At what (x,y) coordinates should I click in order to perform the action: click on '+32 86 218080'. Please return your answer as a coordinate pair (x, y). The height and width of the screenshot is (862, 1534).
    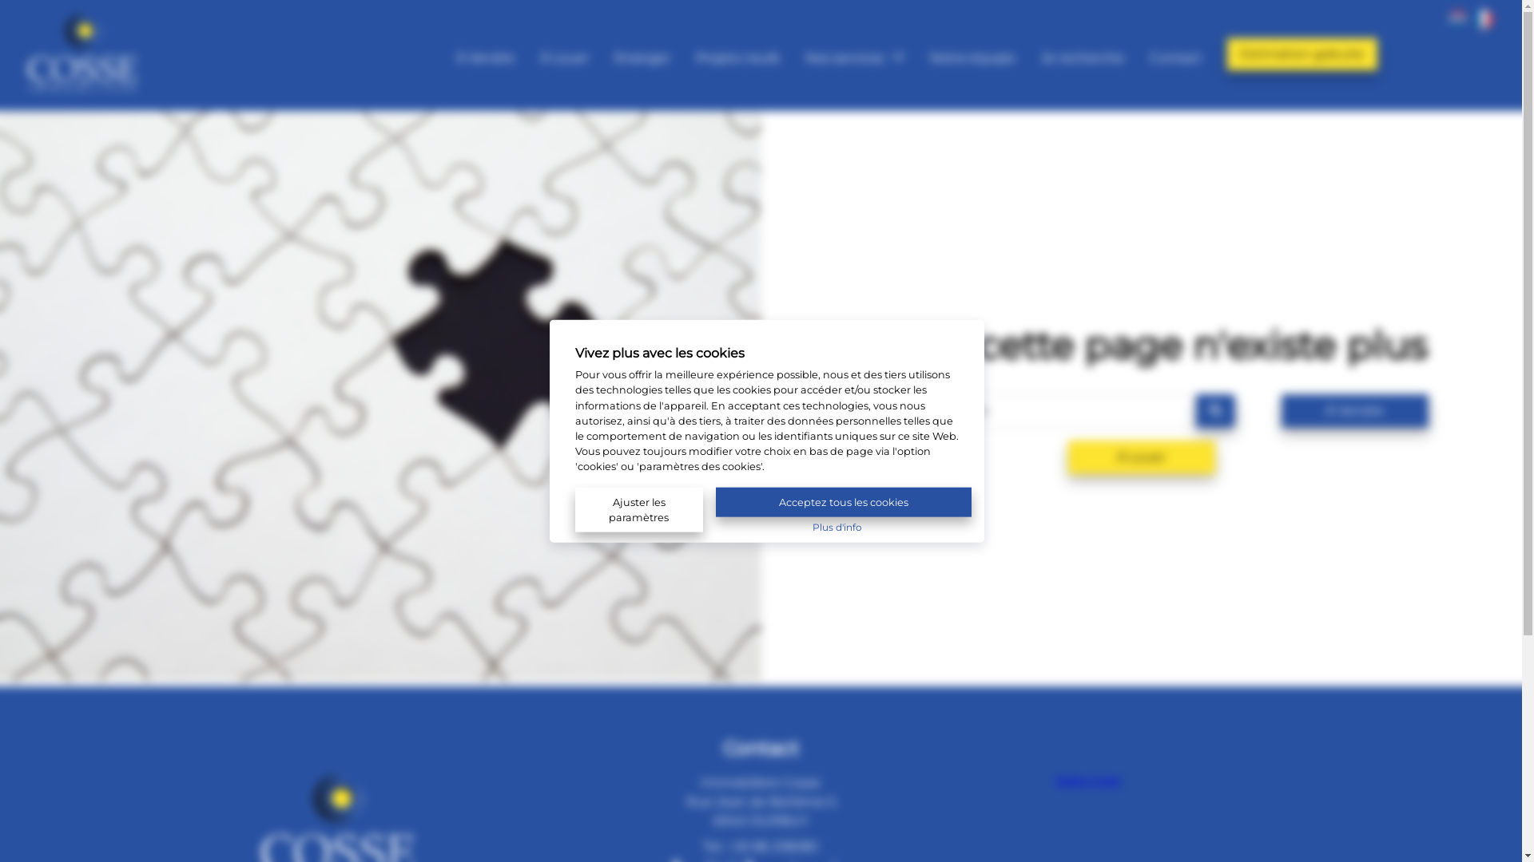
    Looking at the image, I should click on (773, 845).